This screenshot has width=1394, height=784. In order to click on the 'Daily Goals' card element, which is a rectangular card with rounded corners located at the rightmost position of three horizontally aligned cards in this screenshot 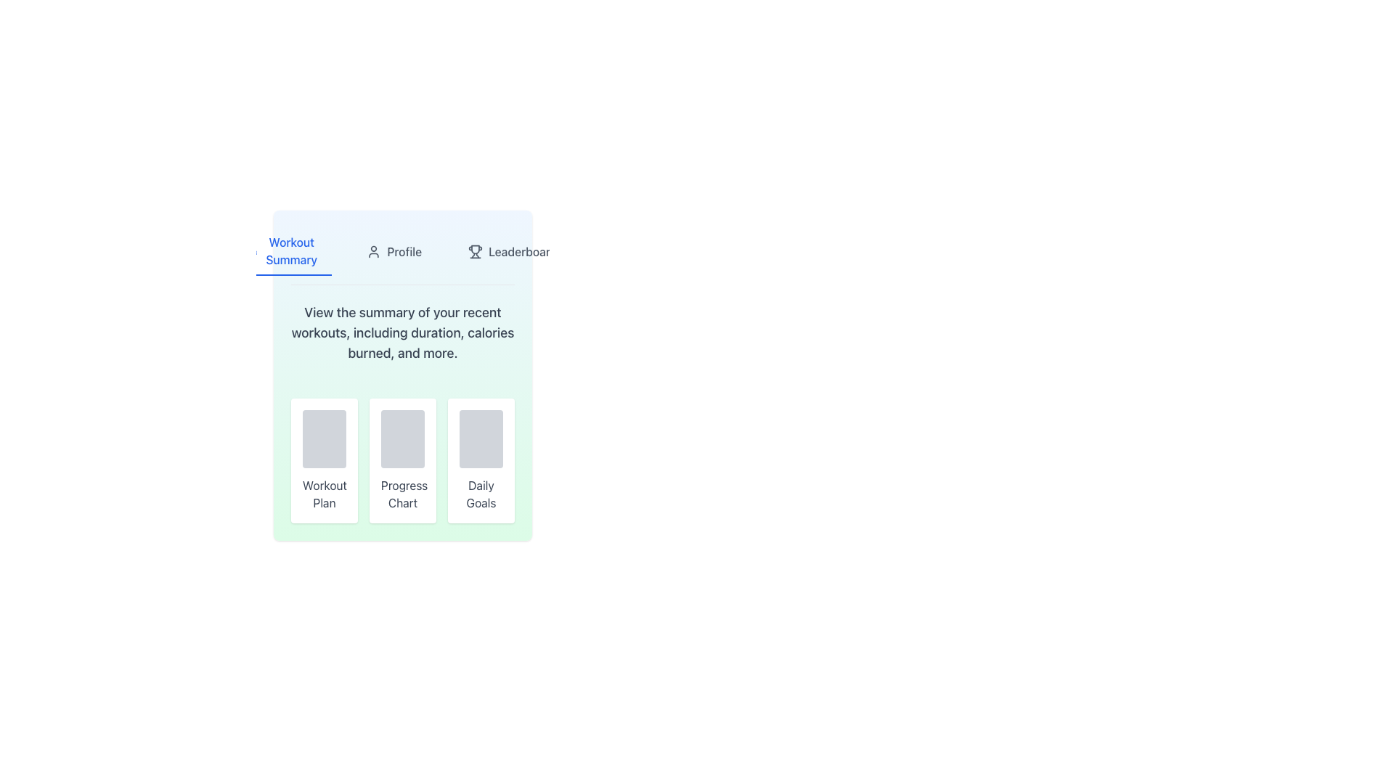, I will do `click(481, 461)`.